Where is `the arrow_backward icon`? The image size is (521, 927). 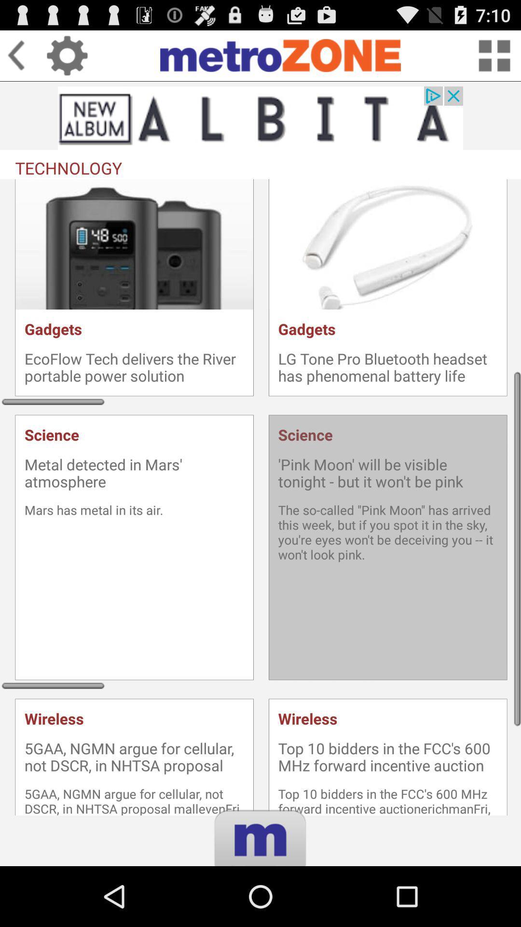
the arrow_backward icon is located at coordinates (26, 59).